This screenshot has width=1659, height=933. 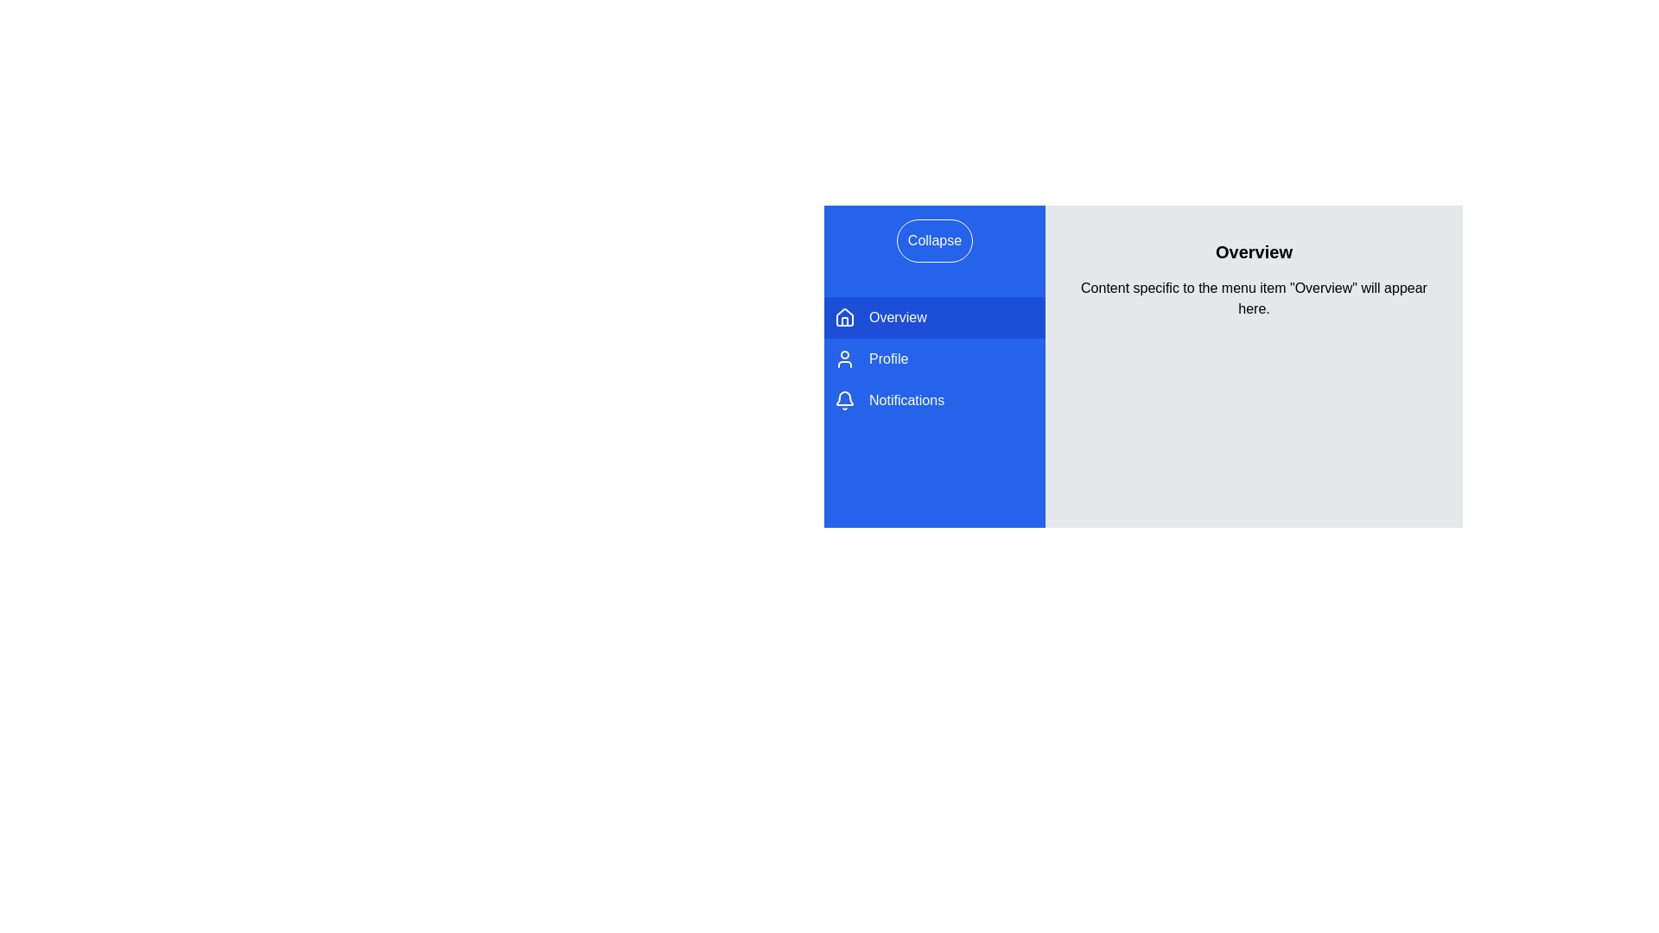 What do you see at coordinates (898, 317) in the screenshot?
I see `the 'Overview' text button in the sidebar navigation menu, which is located next to the house icon` at bounding box center [898, 317].